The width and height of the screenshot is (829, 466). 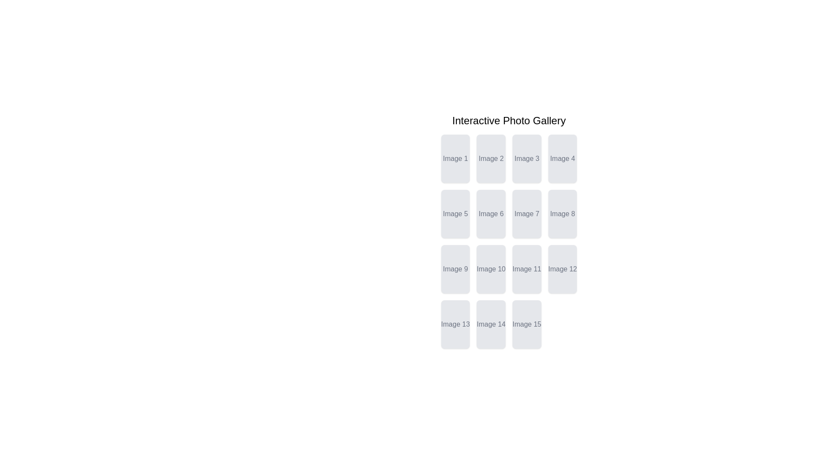 What do you see at coordinates (455, 339) in the screenshot?
I see `the button for keyboard interaction that allows users to add or view comments associated with 'Image 13' in the photo gallery interface` at bounding box center [455, 339].